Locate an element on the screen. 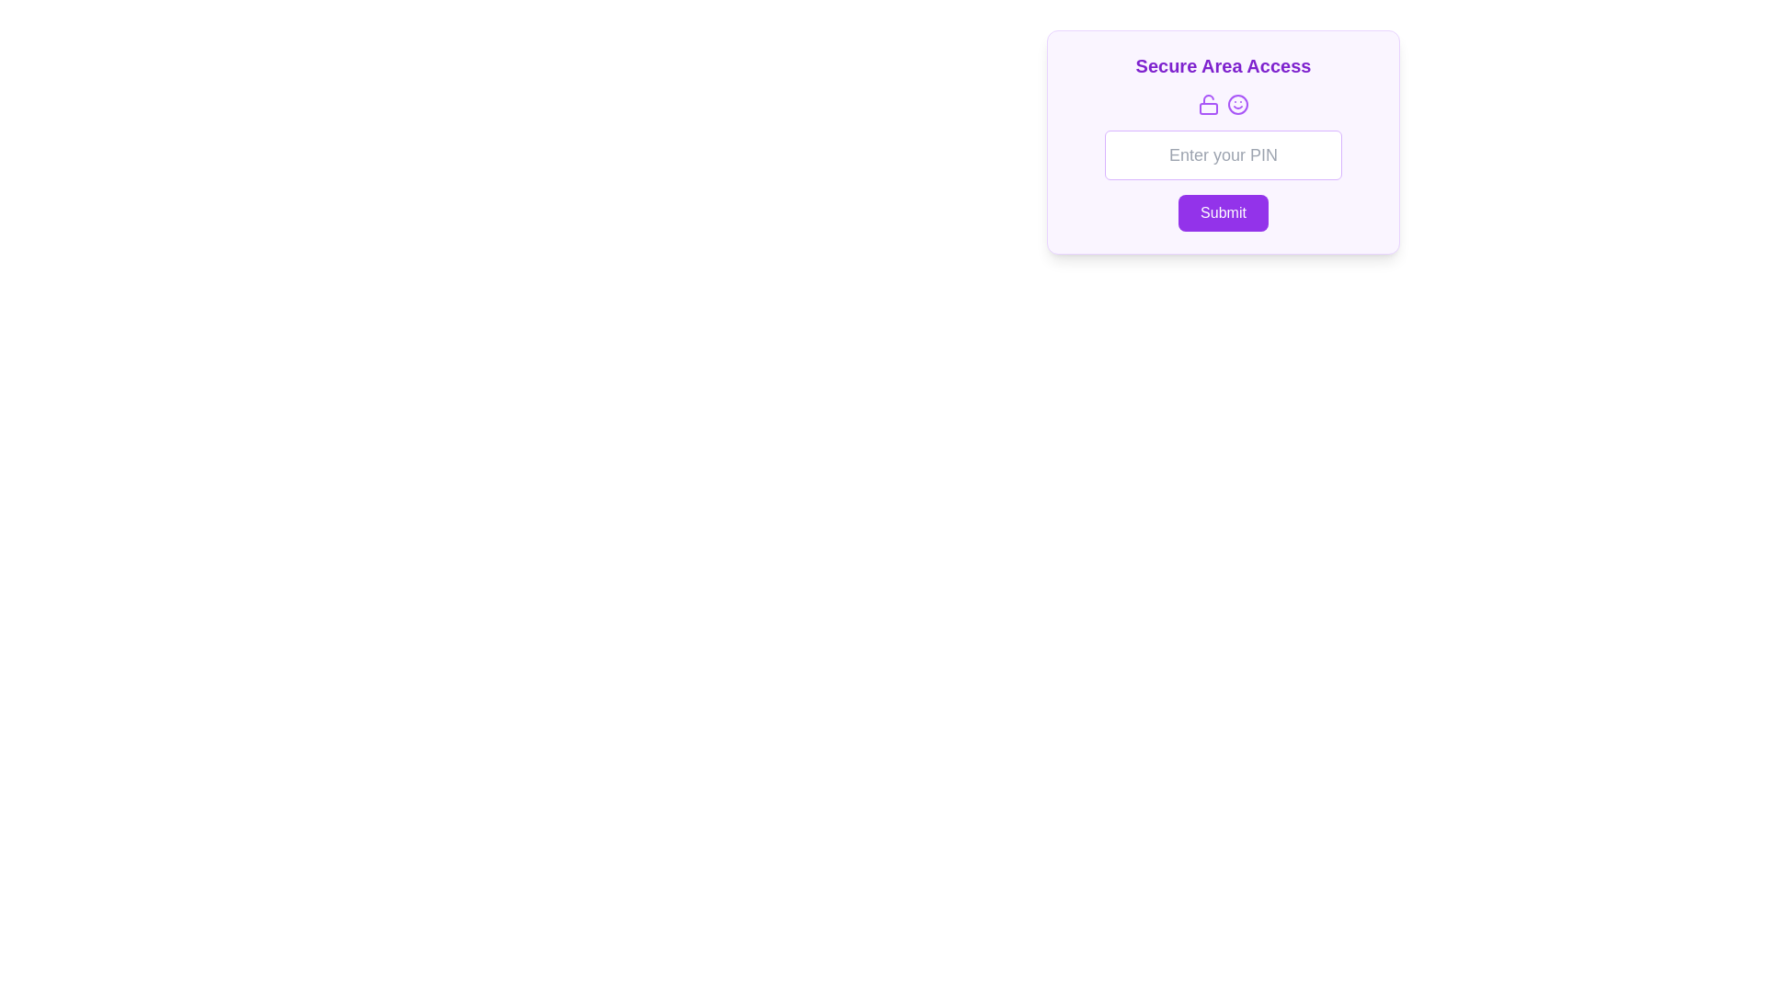  the Password Input Field, which is a textual input field for sensitive data with a placeholder 'Enter your PIN' is located at coordinates (1223, 141).